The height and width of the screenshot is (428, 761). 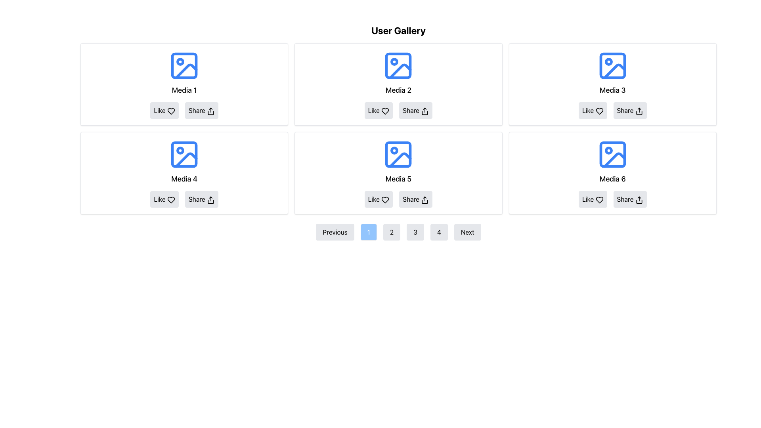 I want to click on the icon representing 'Media 1' located in the top-left quadrant of the user gallery grid, so click(x=184, y=65).